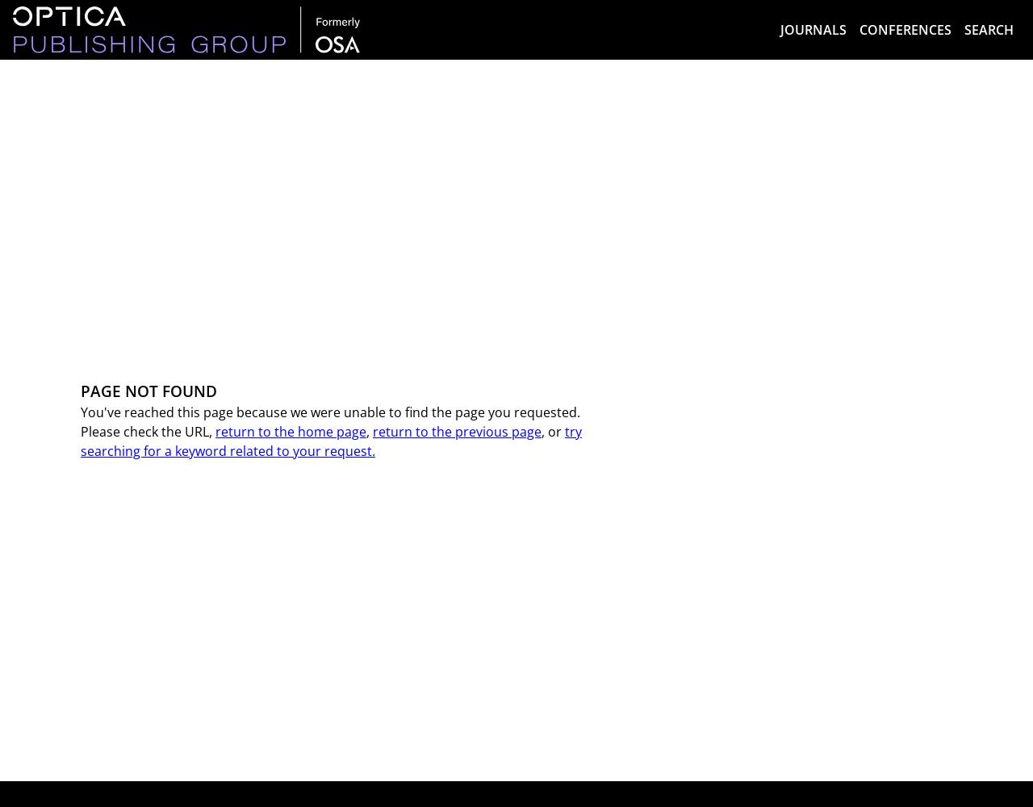 The width and height of the screenshot is (1033, 807). What do you see at coordinates (148, 389) in the screenshot?
I see `'PAGE NOT FOUND'` at bounding box center [148, 389].